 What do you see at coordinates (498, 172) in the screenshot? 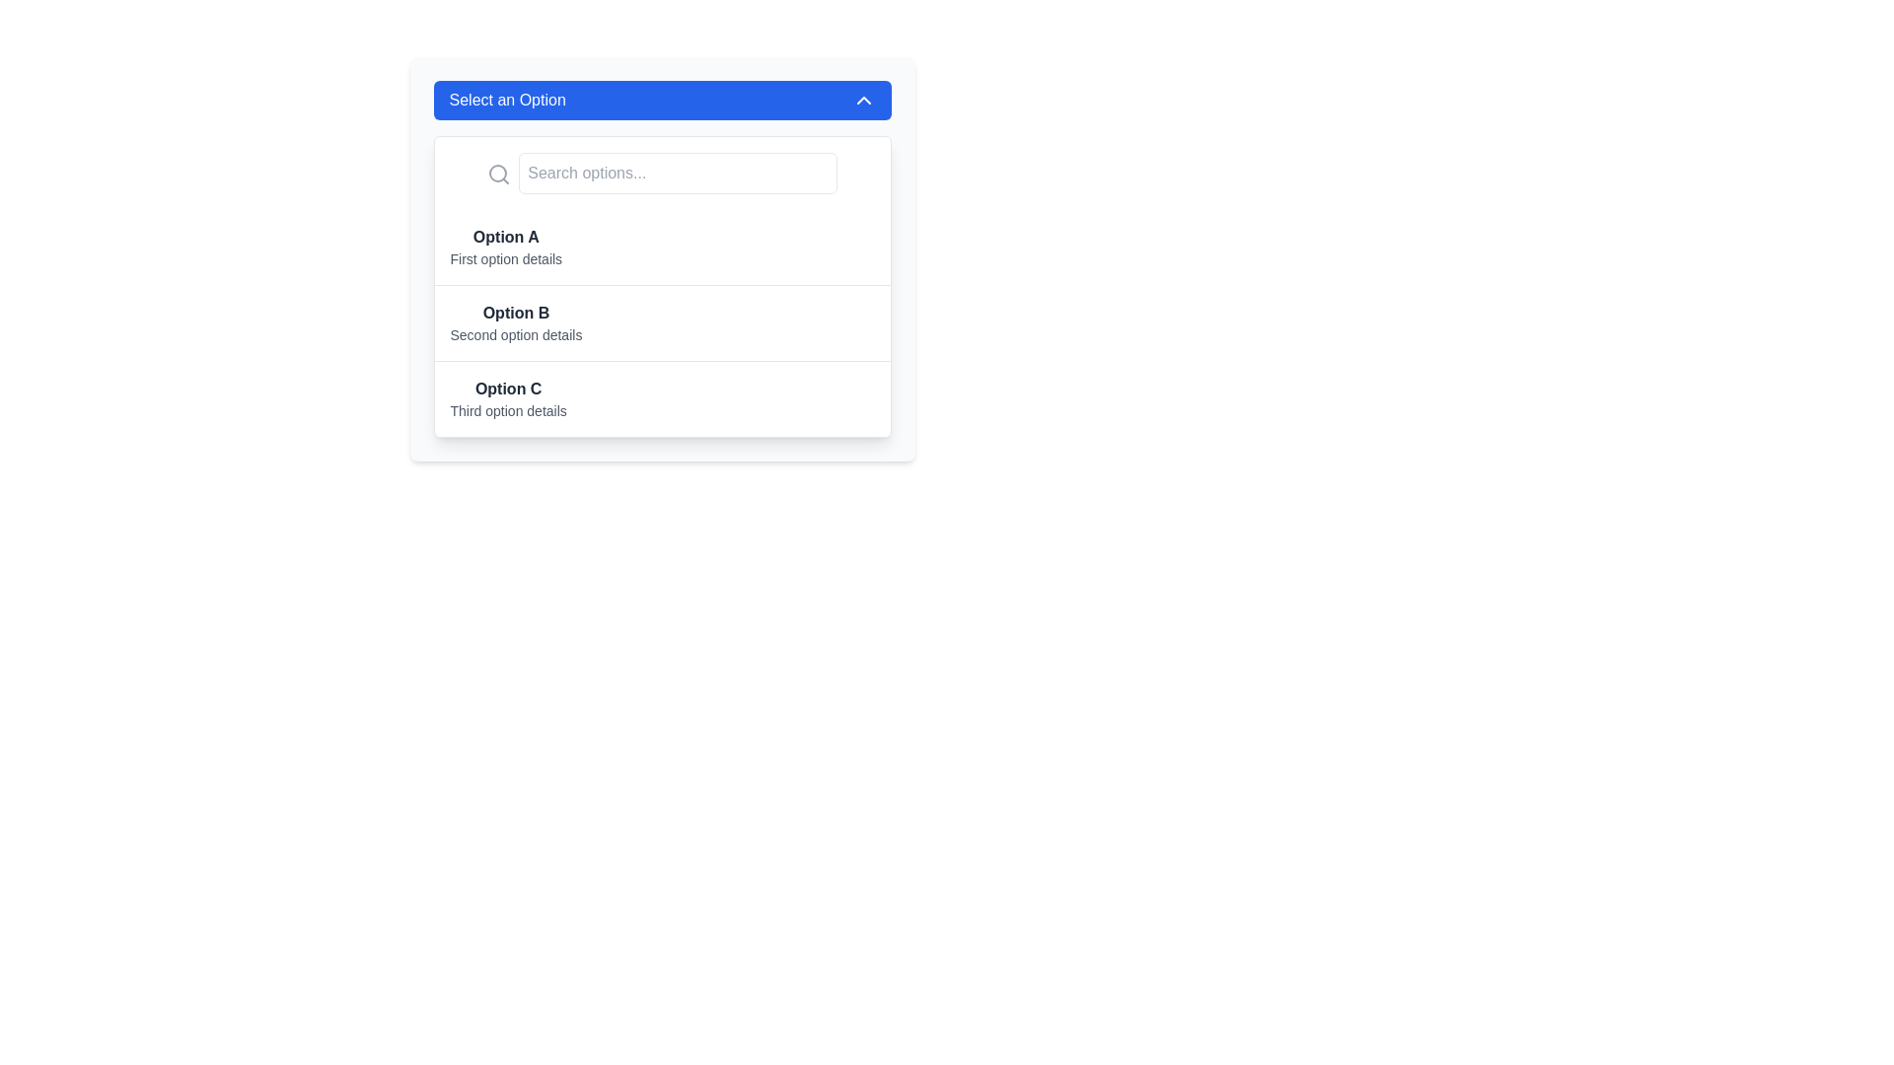
I see `the central circular part of the magnifying glass icon in the search bar, which indicates the search functionality` at bounding box center [498, 172].